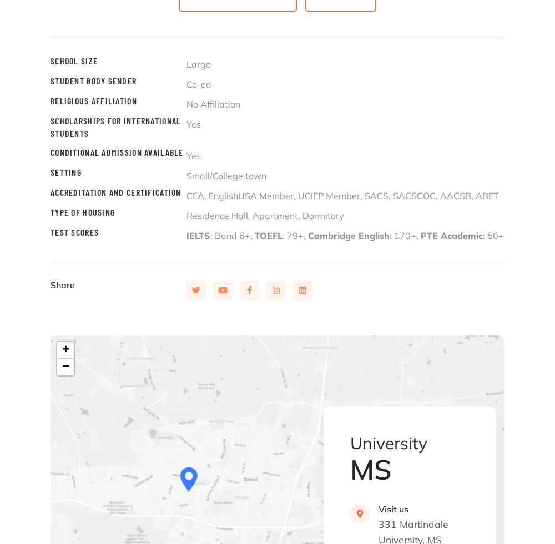 The width and height of the screenshot is (555, 544). Describe the element at coordinates (198, 235) in the screenshot. I see `'IELTS'` at that location.